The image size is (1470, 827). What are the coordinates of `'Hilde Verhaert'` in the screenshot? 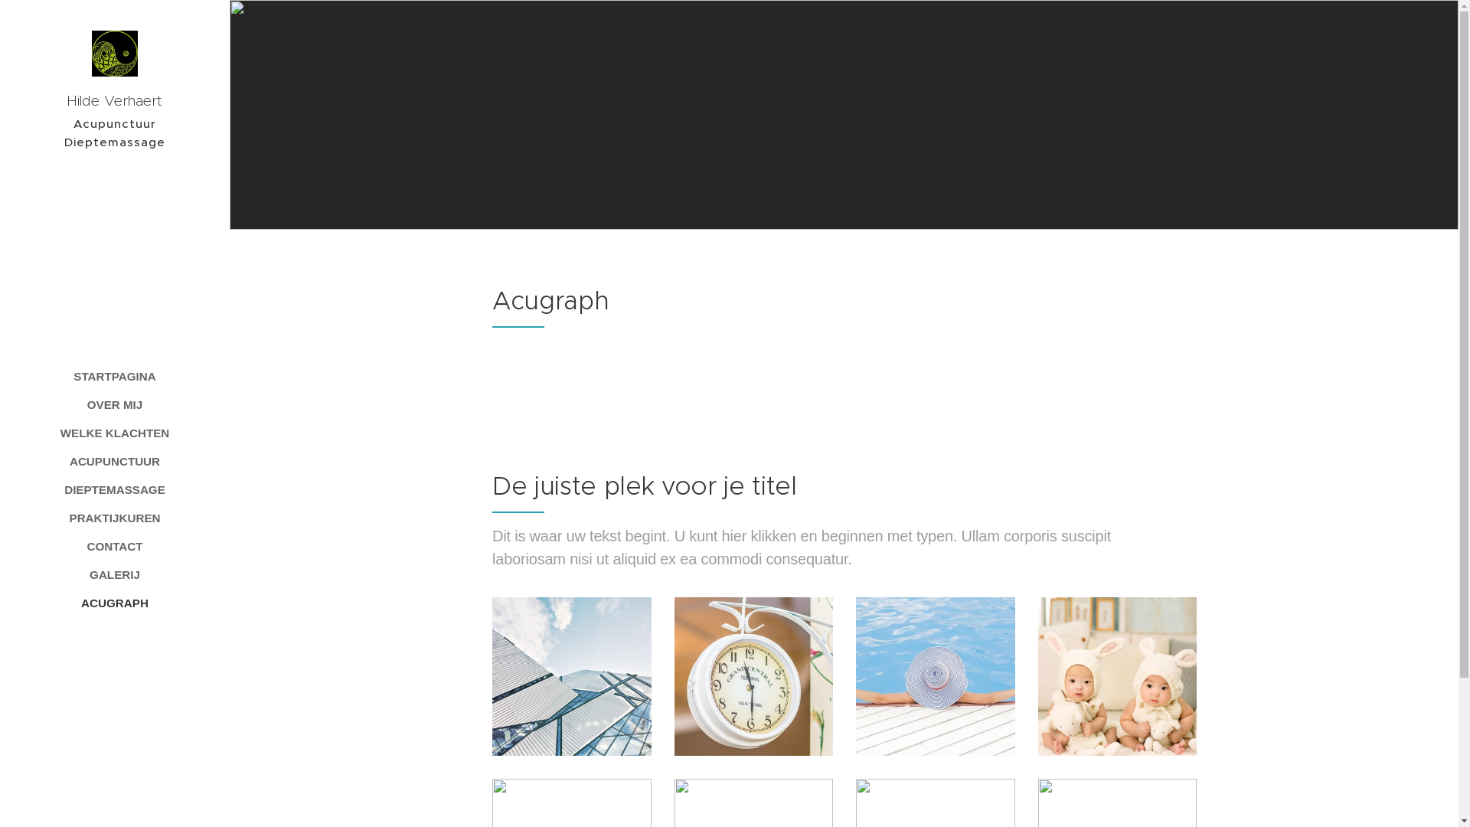 It's located at (113, 73).